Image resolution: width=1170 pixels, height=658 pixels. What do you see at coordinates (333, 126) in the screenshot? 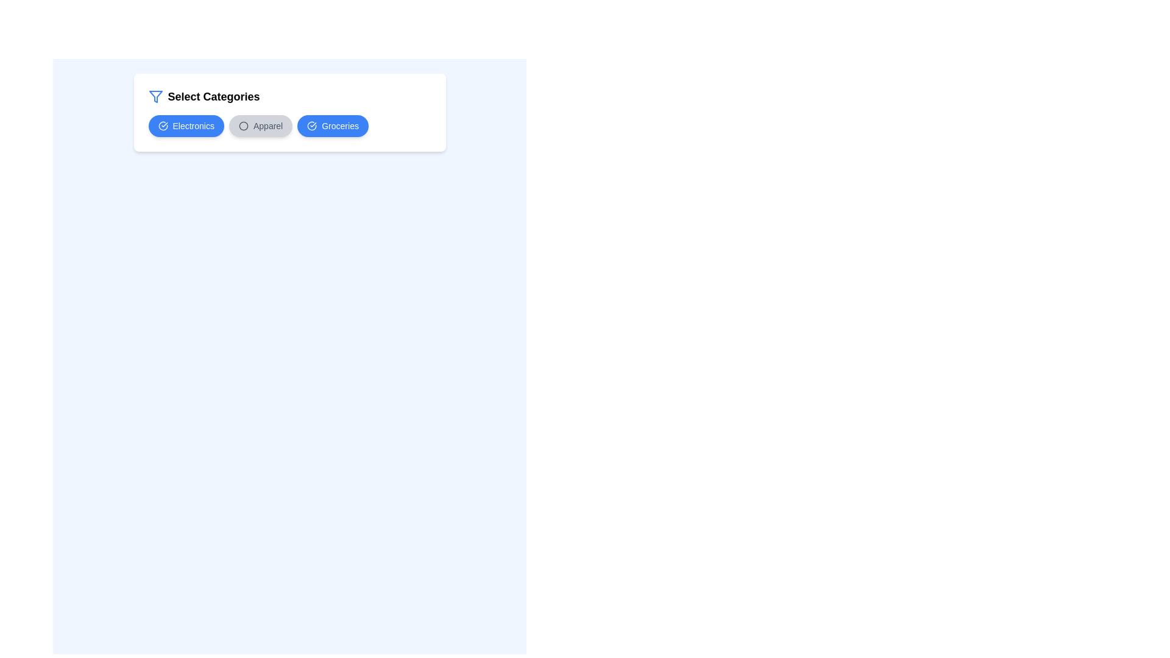
I see `the category Groceries` at bounding box center [333, 126].